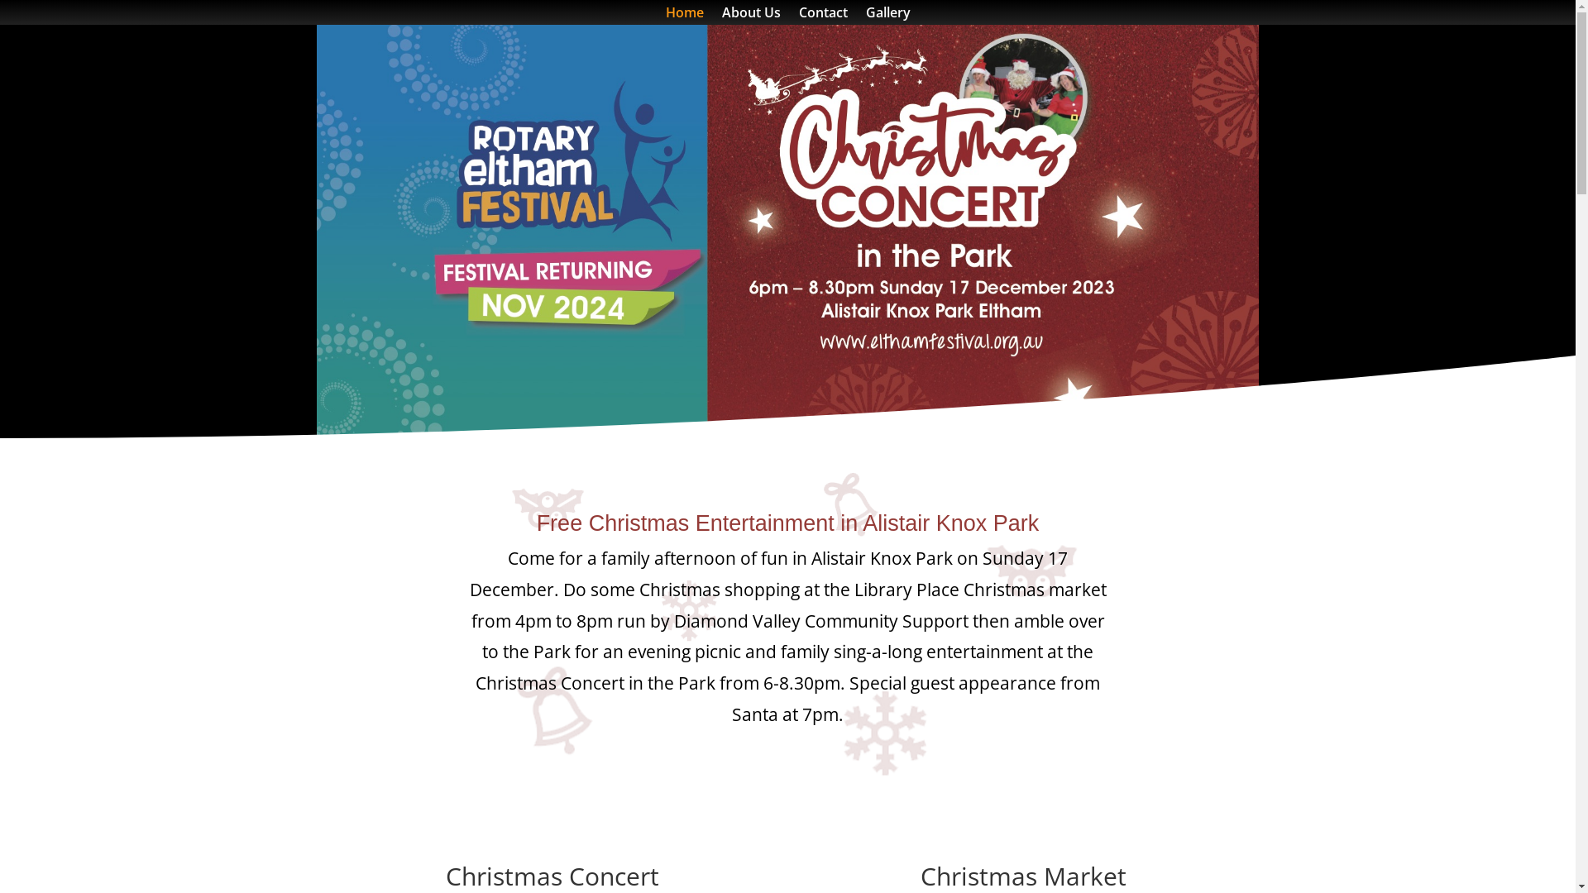 The width and height of the screenshot is (1588, 893). I want to click on 'About Us', so click(721, 16).